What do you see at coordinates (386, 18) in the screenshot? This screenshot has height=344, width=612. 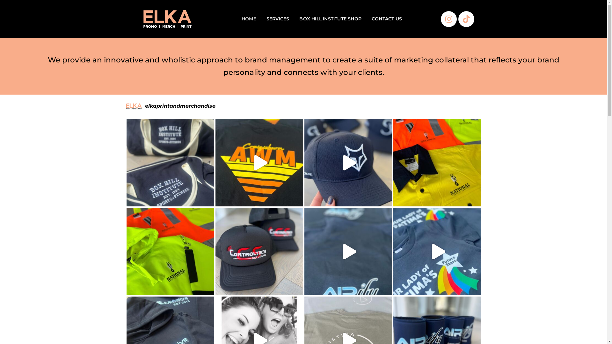 I see `'CONTACT US'` at bounding box center [386, 18].